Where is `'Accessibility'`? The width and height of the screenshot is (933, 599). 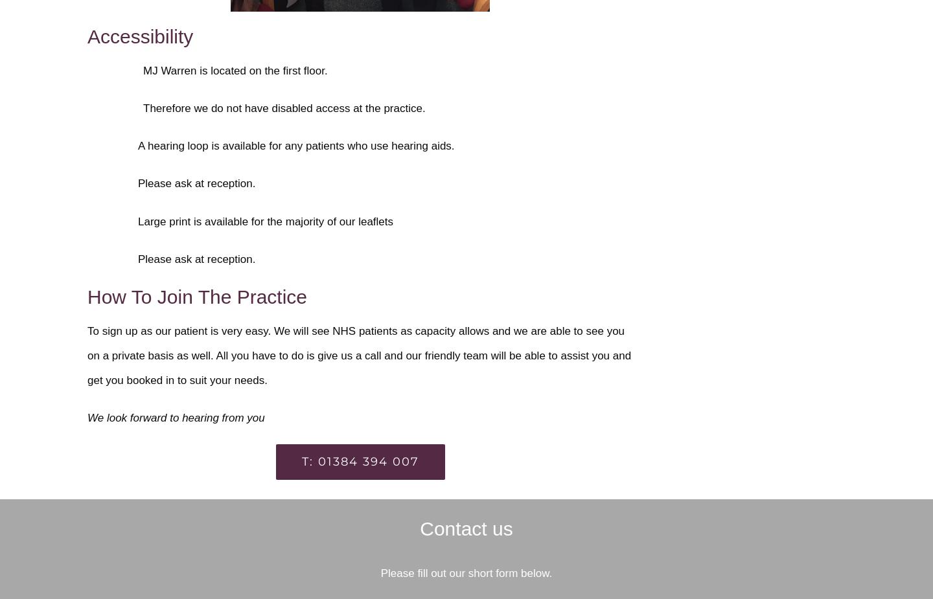 'Accessibility' is located at coordinates (140, 36).